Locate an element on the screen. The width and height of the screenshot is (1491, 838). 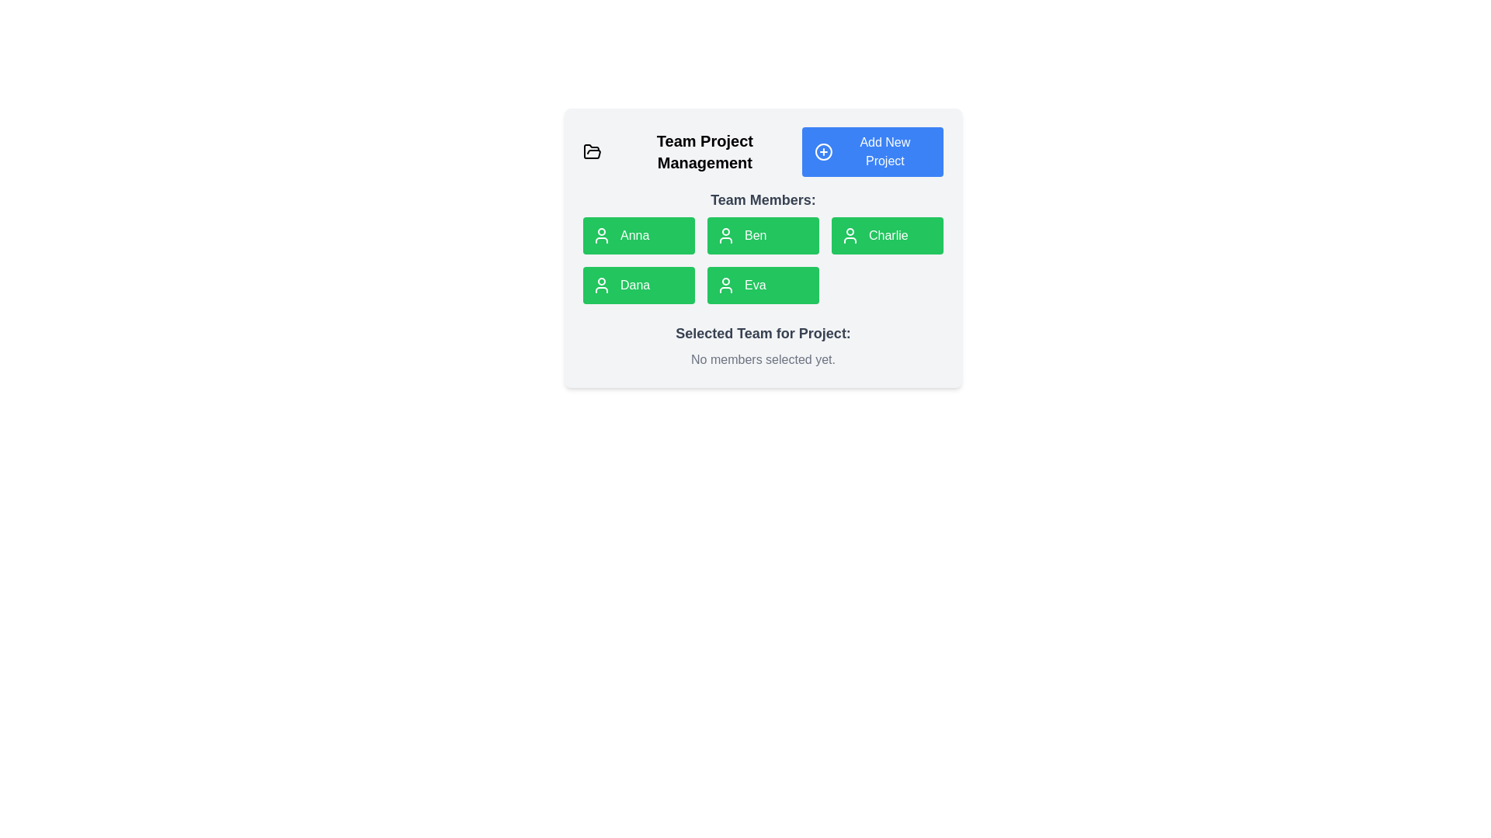
the informational Text Block that displays the title of a section and a notification or status update regarding the selected team for a project, located directly below the 5 green buttons representing team members is located at coordinates (763, 345).